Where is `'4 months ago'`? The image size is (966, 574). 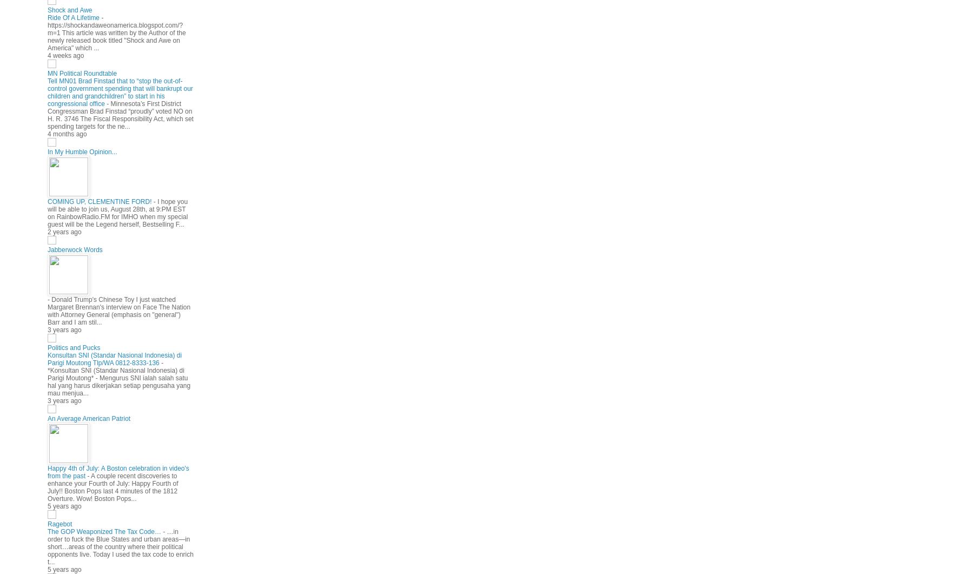 '4 months ago' is located at coordinates (67, 133).